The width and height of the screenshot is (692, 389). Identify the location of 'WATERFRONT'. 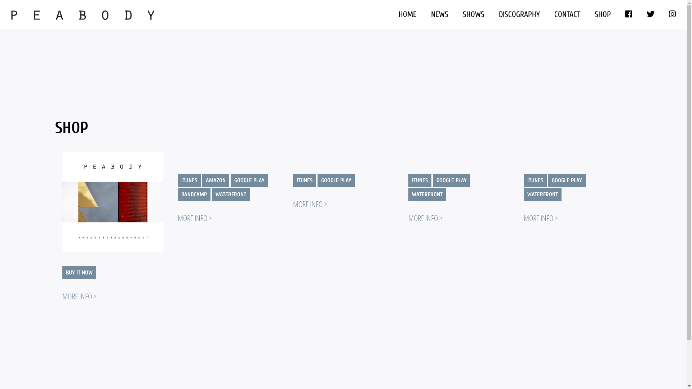
(523, 194).